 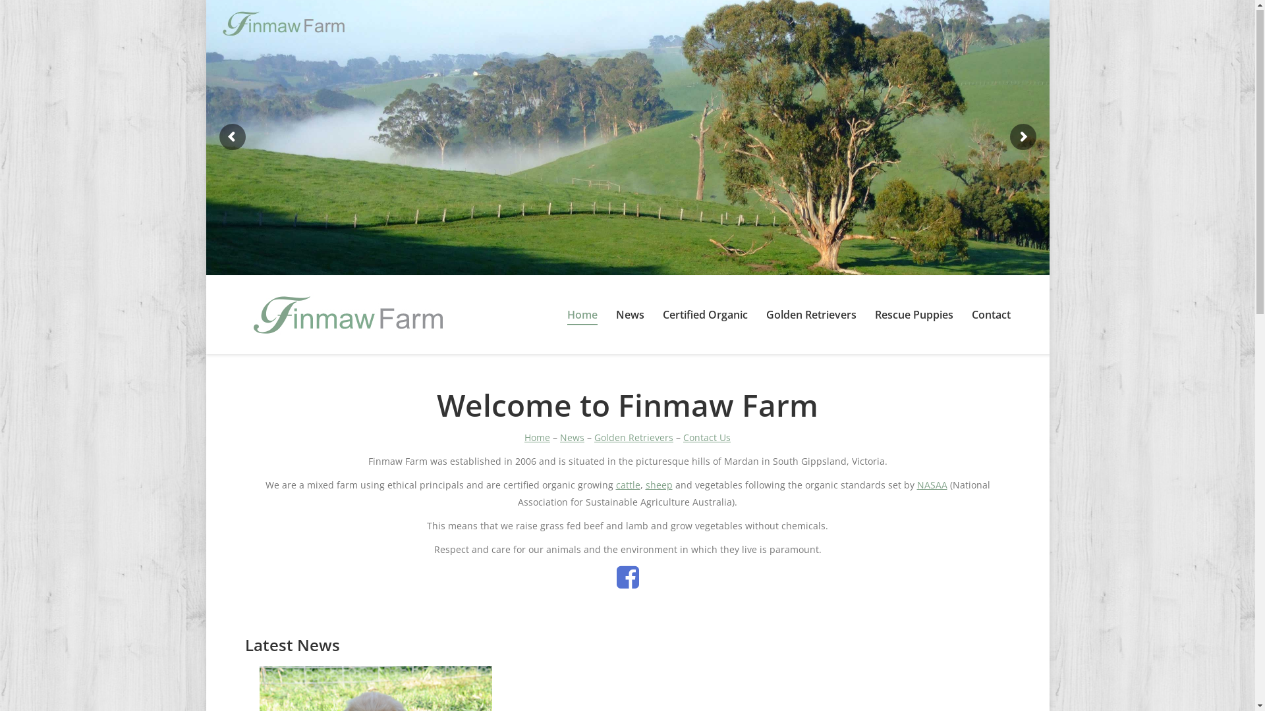 I want to click on 'Contact', so click(x=990, y=315).